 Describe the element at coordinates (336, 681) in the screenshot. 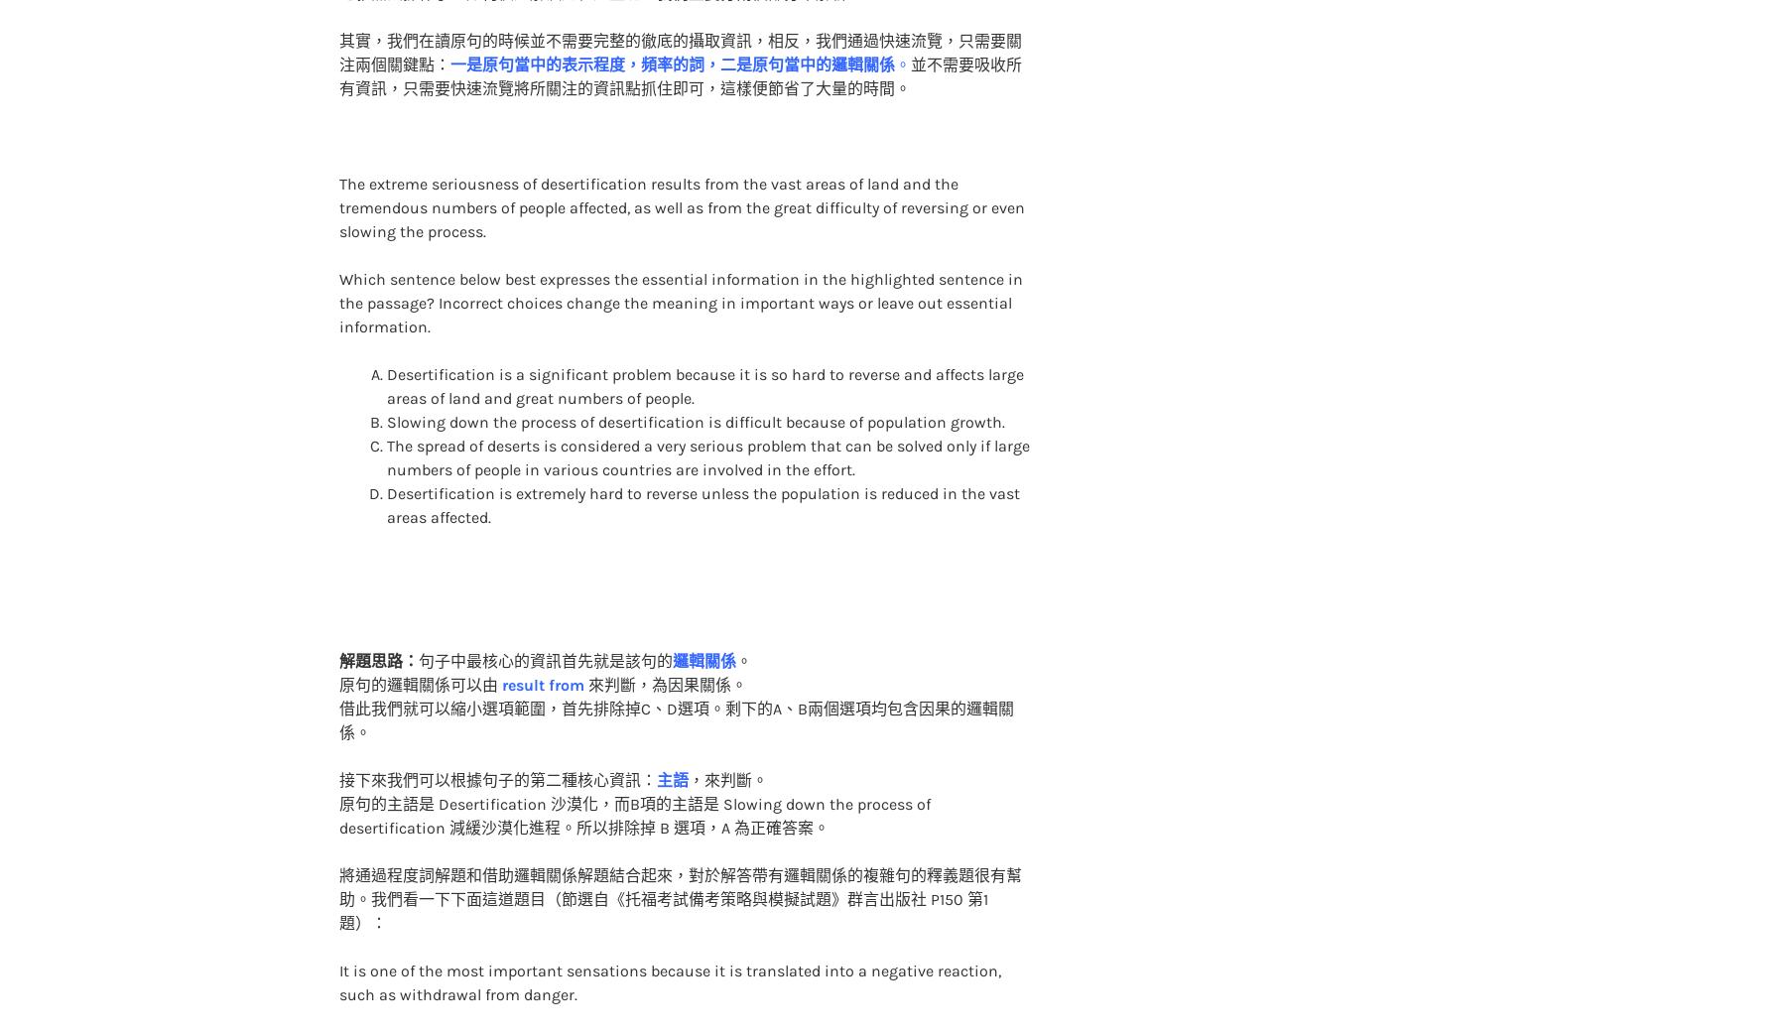

I see `'借此我們就可以縮小選項範圍，首先排除掉C、D選項。剩下的A、B兩個選項均包含因果的邏輯關係。'` at that location.